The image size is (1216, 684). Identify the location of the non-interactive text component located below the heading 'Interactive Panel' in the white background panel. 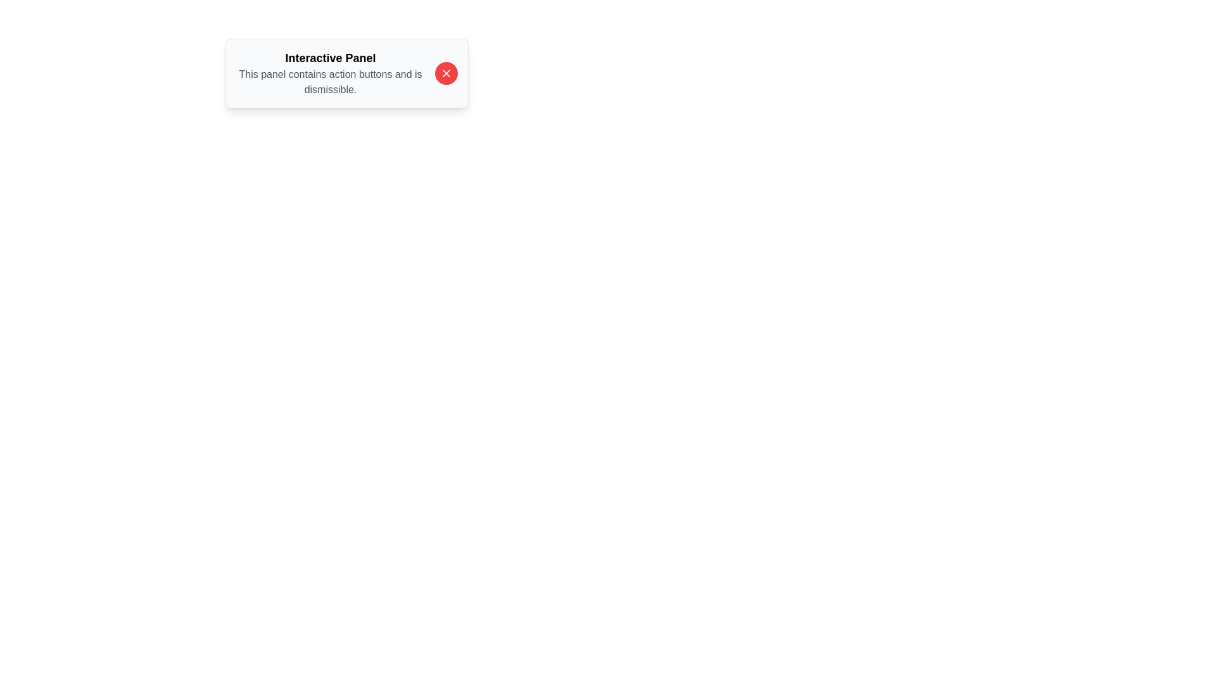
(331, 82).